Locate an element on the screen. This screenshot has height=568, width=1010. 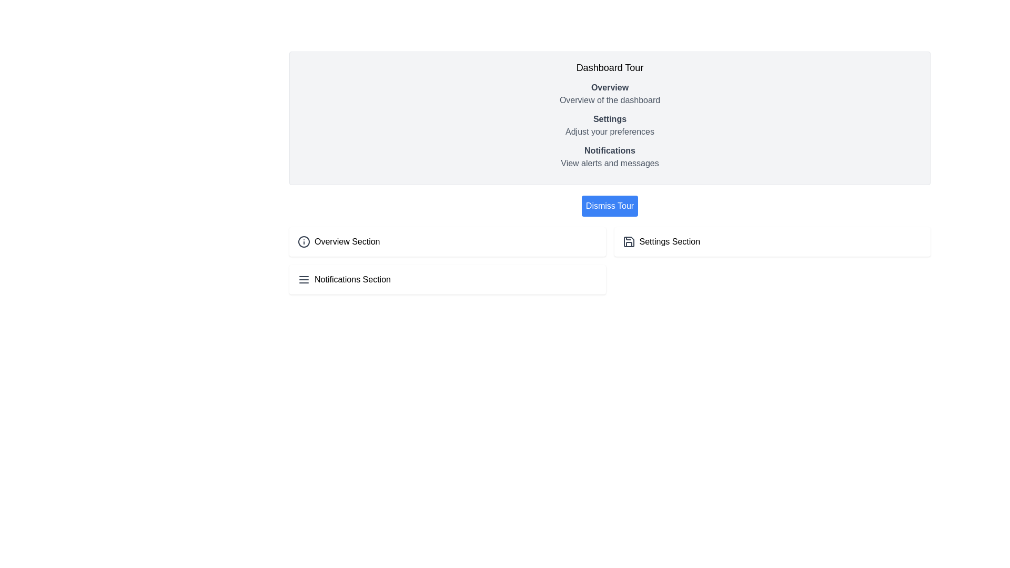
the descriptive subtitle text label located beneath the 'Settings' header, which enhances user understanding of the section's functionality is located at coordinates (610, 131).